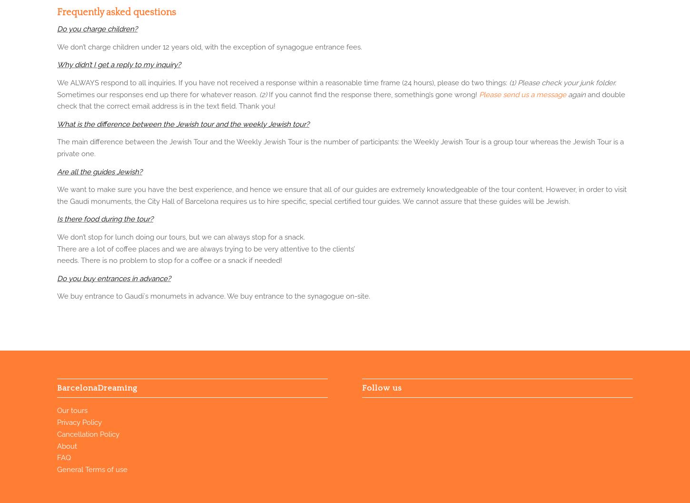  What do you see at coordinates (57, 248) in the screenshot?
I see `'There are a lot of coffee places and we are always trying to be very attentive to the clients’'` at bounding box center [57, 248].